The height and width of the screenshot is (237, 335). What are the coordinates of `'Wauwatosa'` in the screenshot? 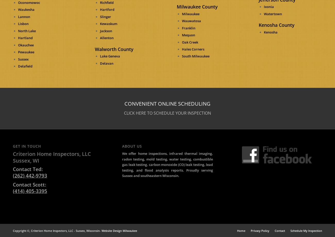 It's located at (191, 21).